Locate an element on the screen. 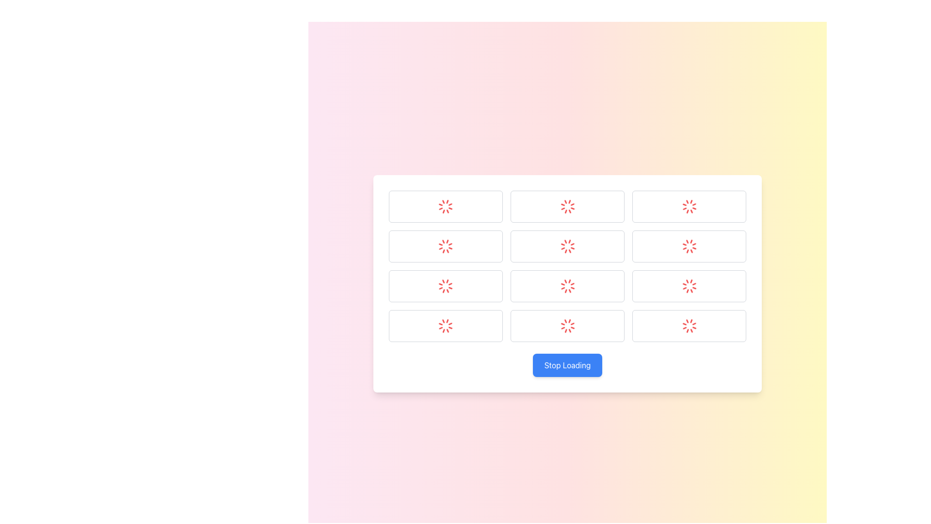 The width and height of the screenshot is (931, 524). the red-colored loader icon resembling a spinning sunburst, which is centrally located inside a white rectangular border area is located at coordinates (445, 286).